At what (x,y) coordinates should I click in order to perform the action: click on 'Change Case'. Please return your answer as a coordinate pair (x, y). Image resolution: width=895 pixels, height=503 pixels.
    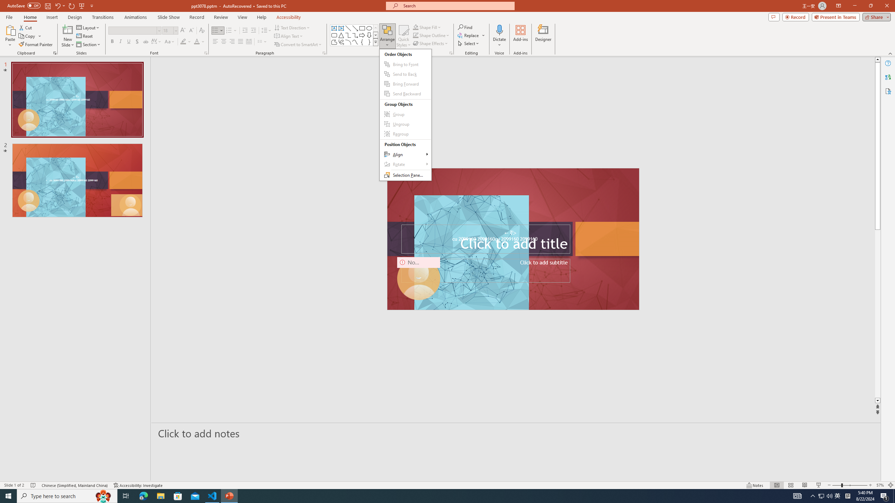
    Looking at the image, I should click on (170, 41).